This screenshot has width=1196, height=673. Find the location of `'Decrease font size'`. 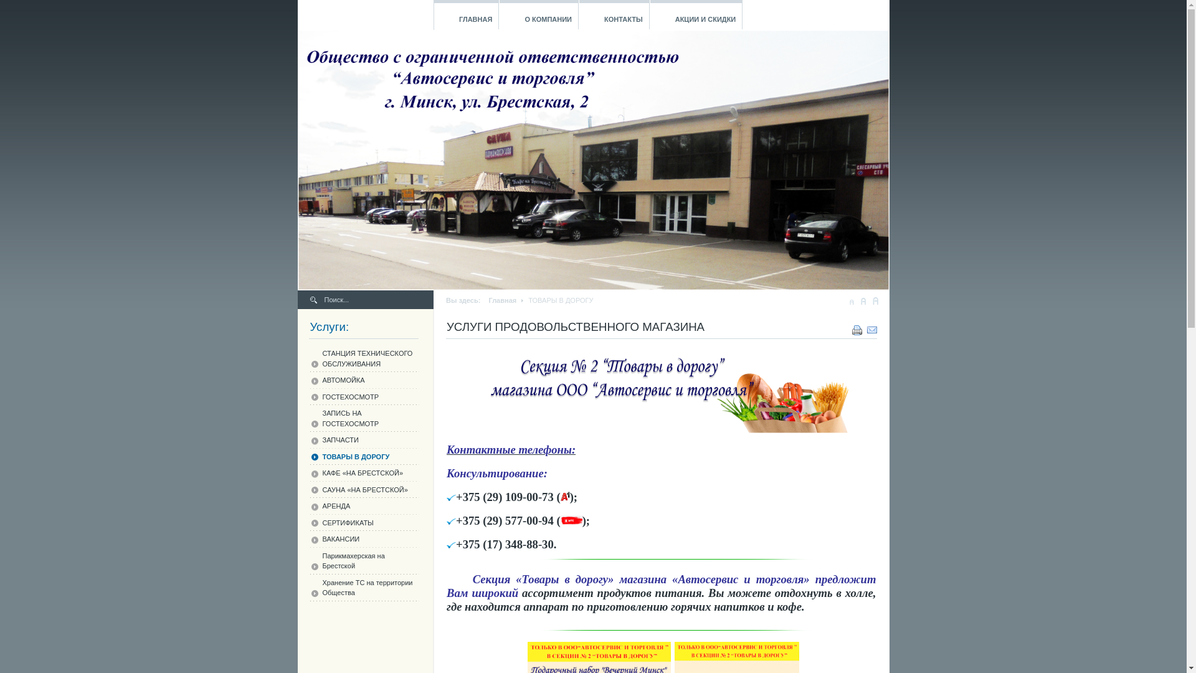

'Decrease font size' is located at coordinates (851, 300).